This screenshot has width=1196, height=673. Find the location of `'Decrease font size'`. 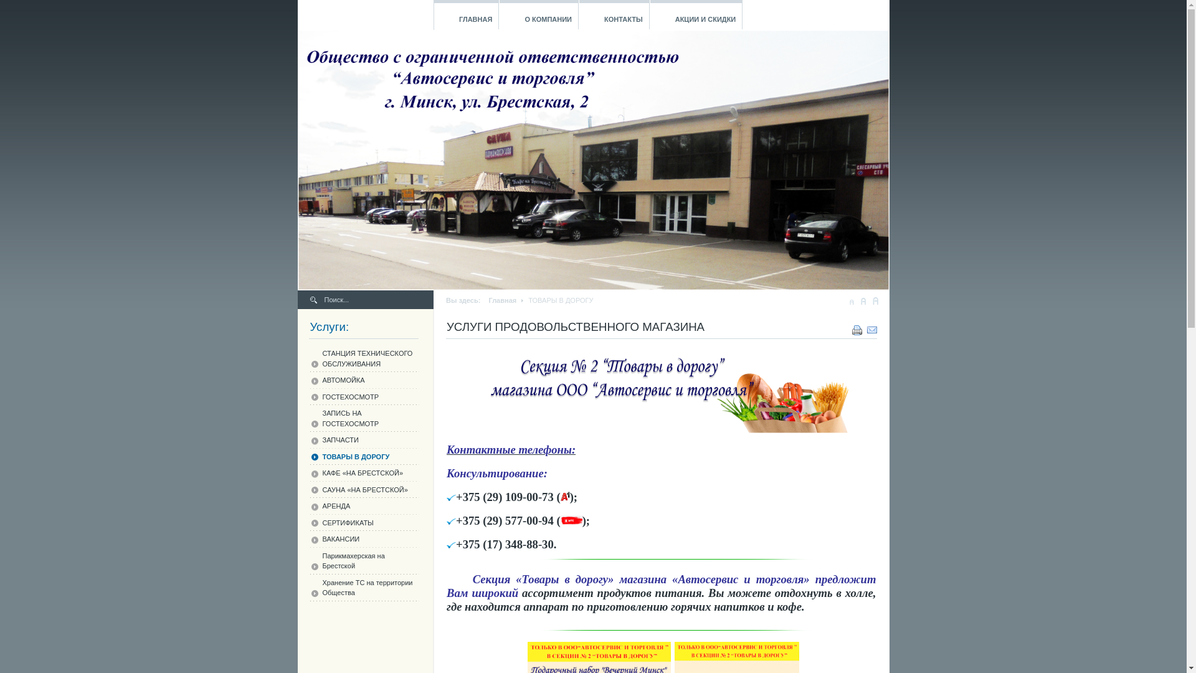

'Decrease font size' is located at coordinates (851, 300).